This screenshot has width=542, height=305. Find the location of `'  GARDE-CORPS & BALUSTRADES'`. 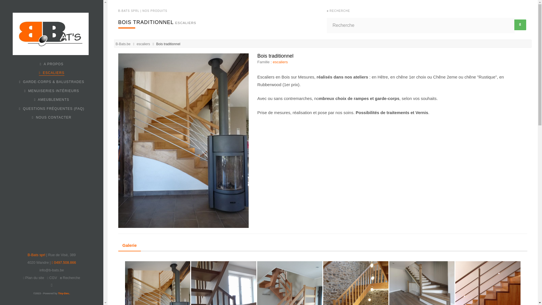

'  GARDE-CORPS & BALUSTRADES' is located at coordinates (51, 82).